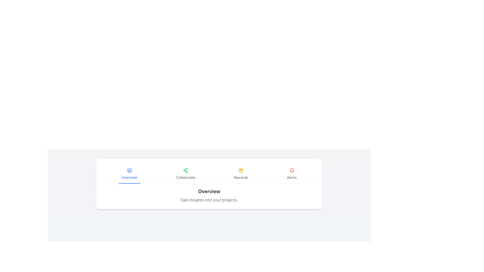 Image resolution: width=484 pixels, height=272 pixels. I want to click on the 'Collaborate' icon located at the center of the button, so click(185, 170).